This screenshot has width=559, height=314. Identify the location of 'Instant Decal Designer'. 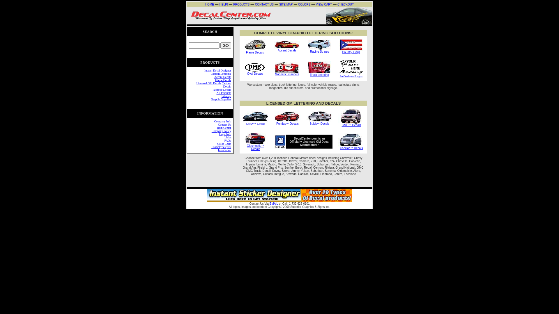
(217, 70).